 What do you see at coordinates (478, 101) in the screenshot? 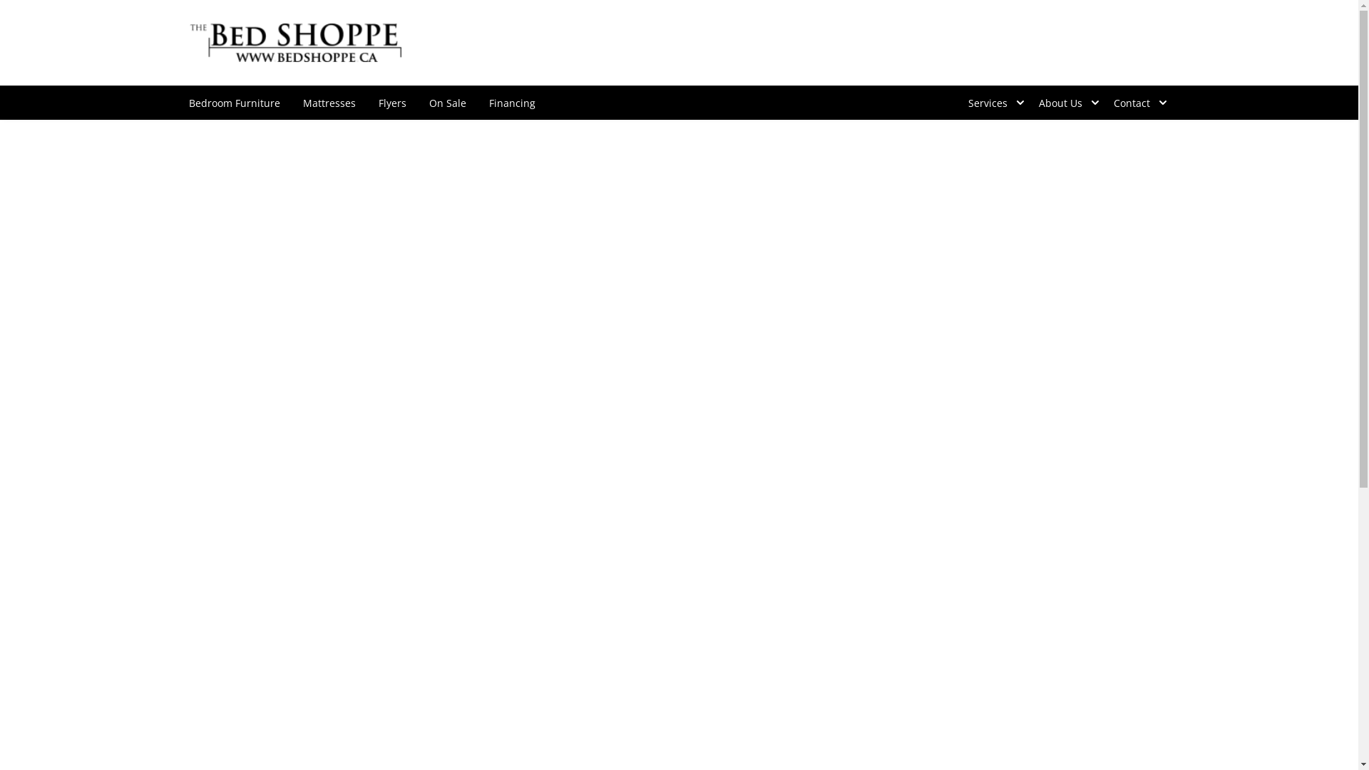
I see `'Financing'` at bounding box center [478, 101].